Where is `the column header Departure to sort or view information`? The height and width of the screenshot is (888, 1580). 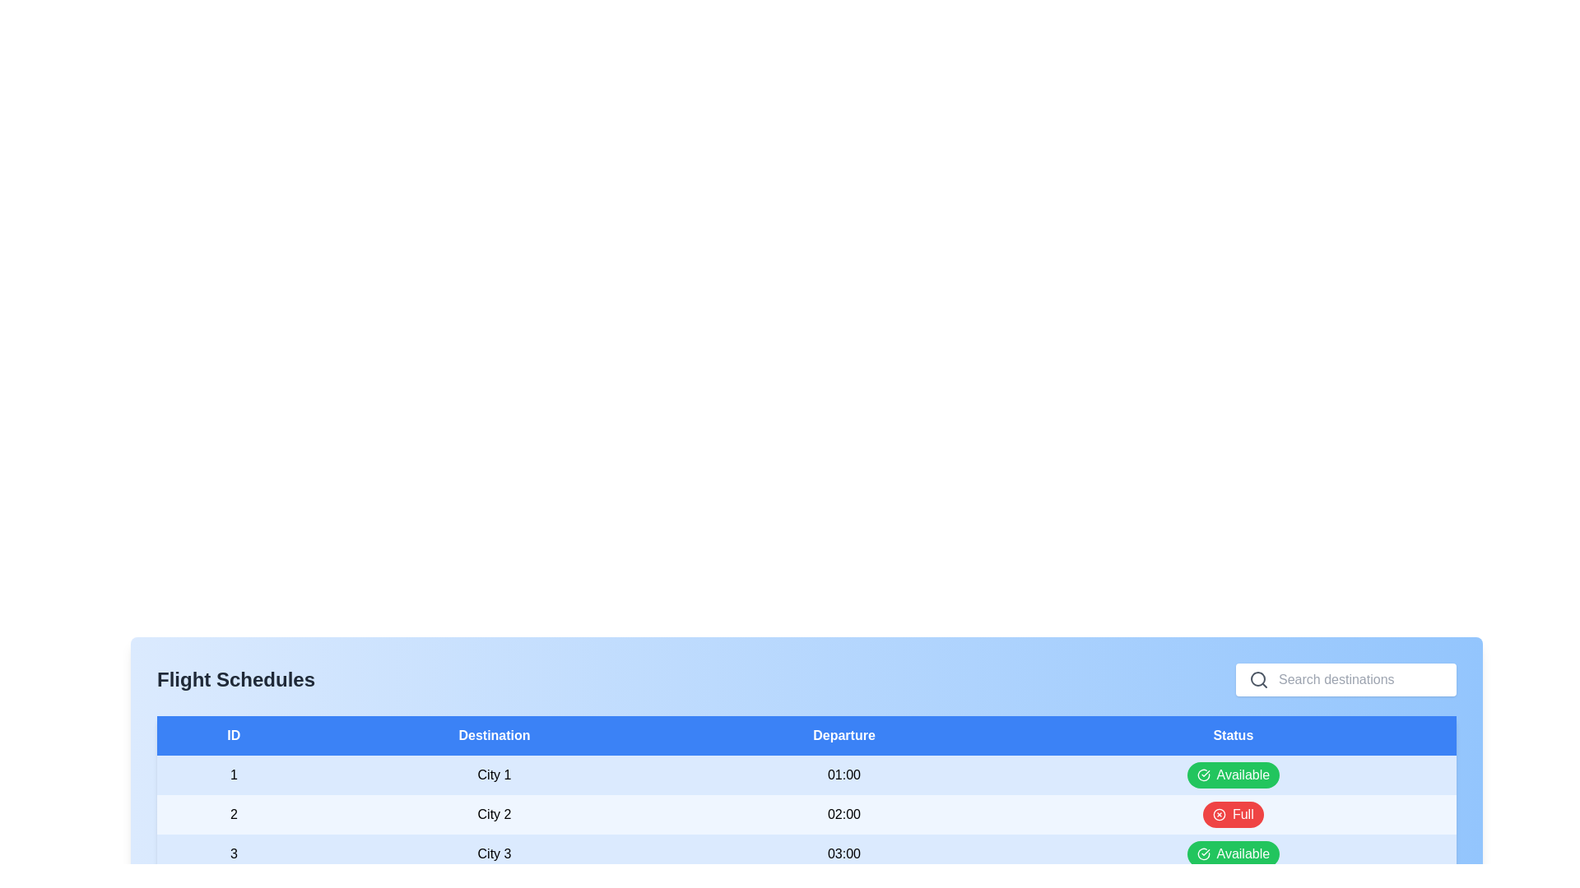
the column header Departure to sort or view information is located at coordinates (844, 734).